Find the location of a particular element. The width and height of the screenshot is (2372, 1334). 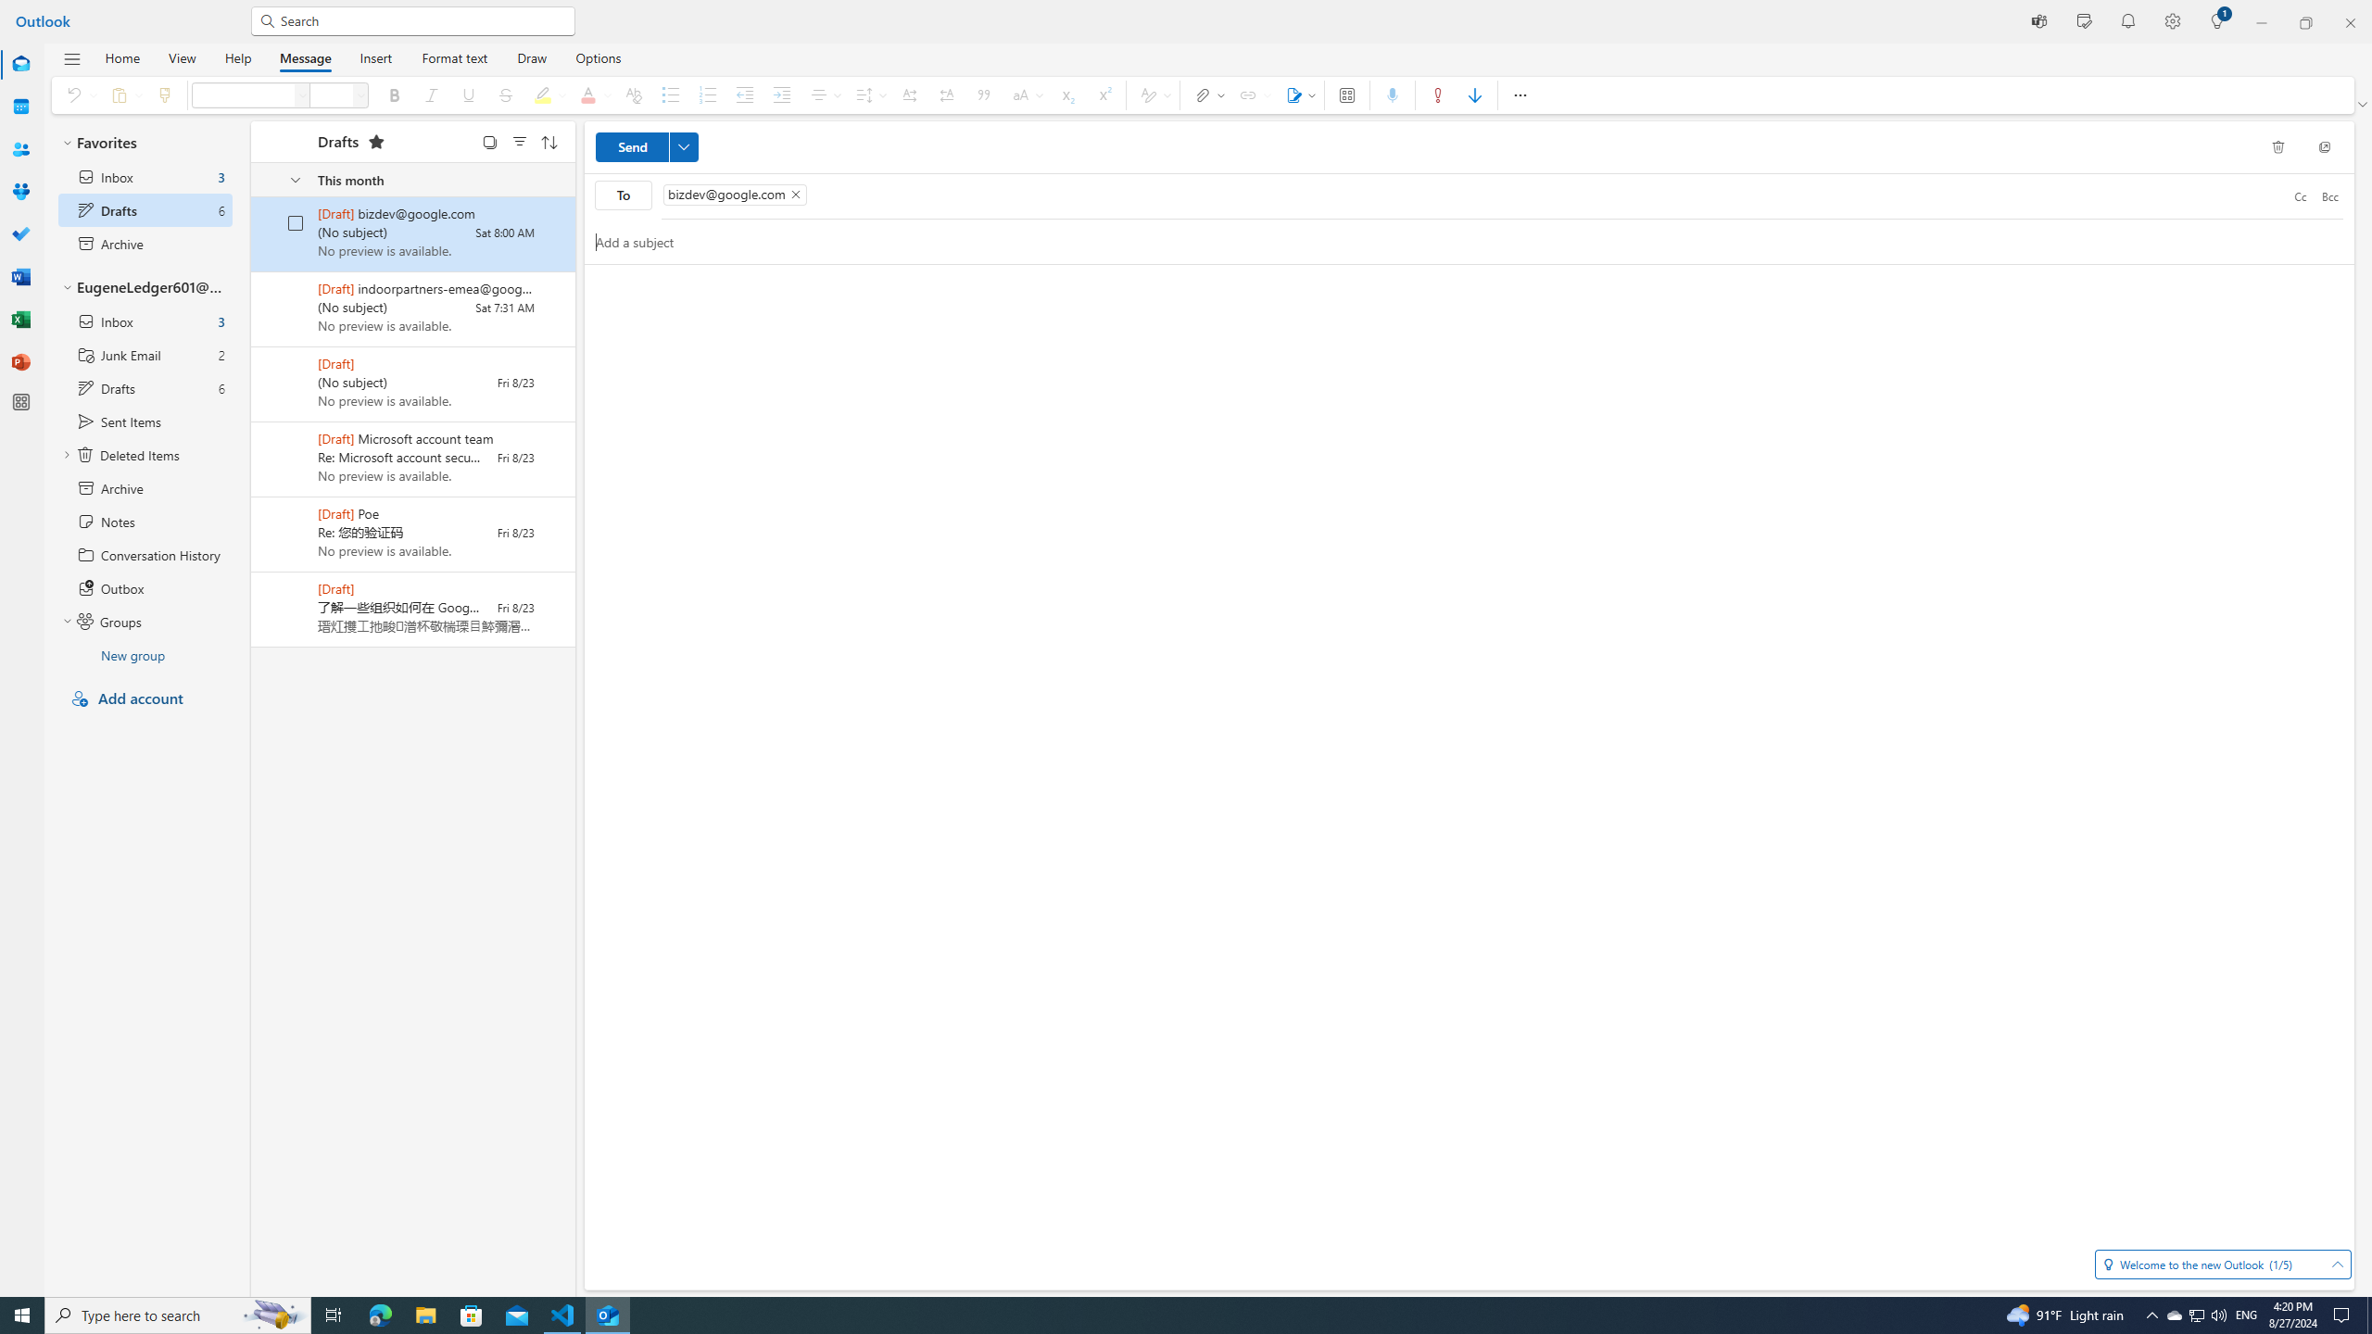

'Send' is located at coordinates (646, 146).